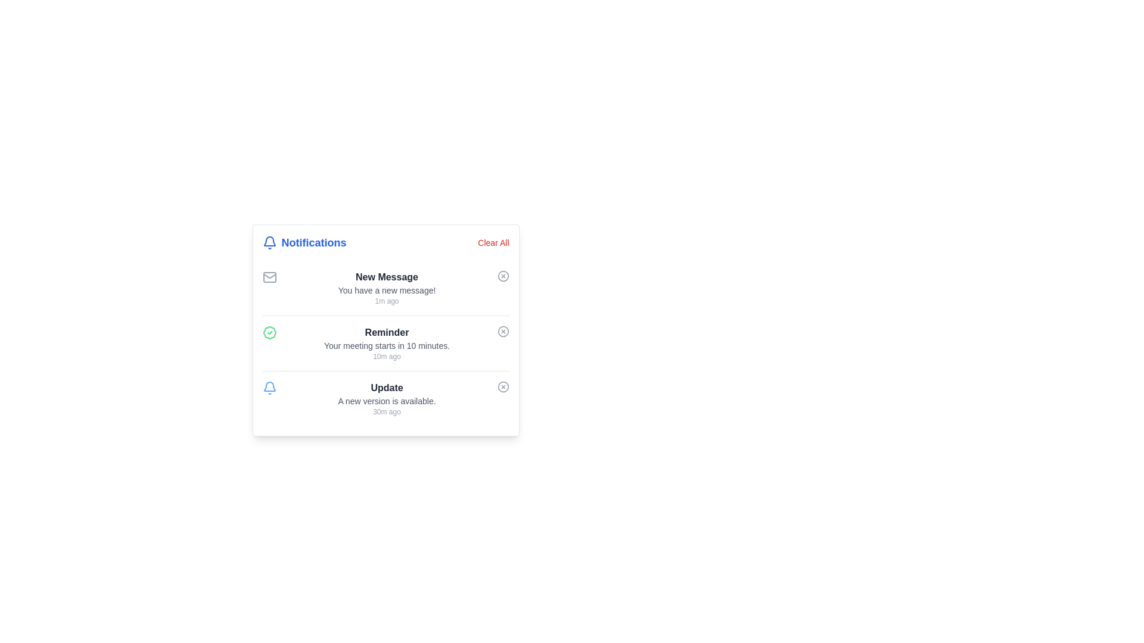 The image size is (1144, 643). What do you see at coordinates (386, 330) in the screenshot?
I see `individual notifications in the Notification Panel located centrally in the middle-upper section of the interface by clicking on them` at bounding box center [386, 330].